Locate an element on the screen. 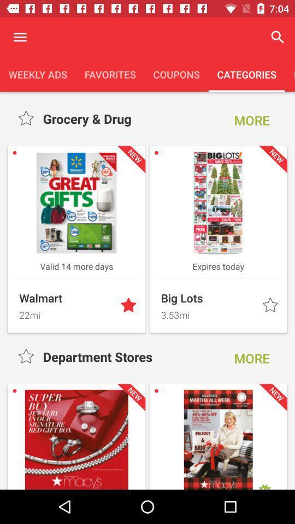 The height and width of the screenshot is (524, 295). to favorites is located at coordinates (129, 306).